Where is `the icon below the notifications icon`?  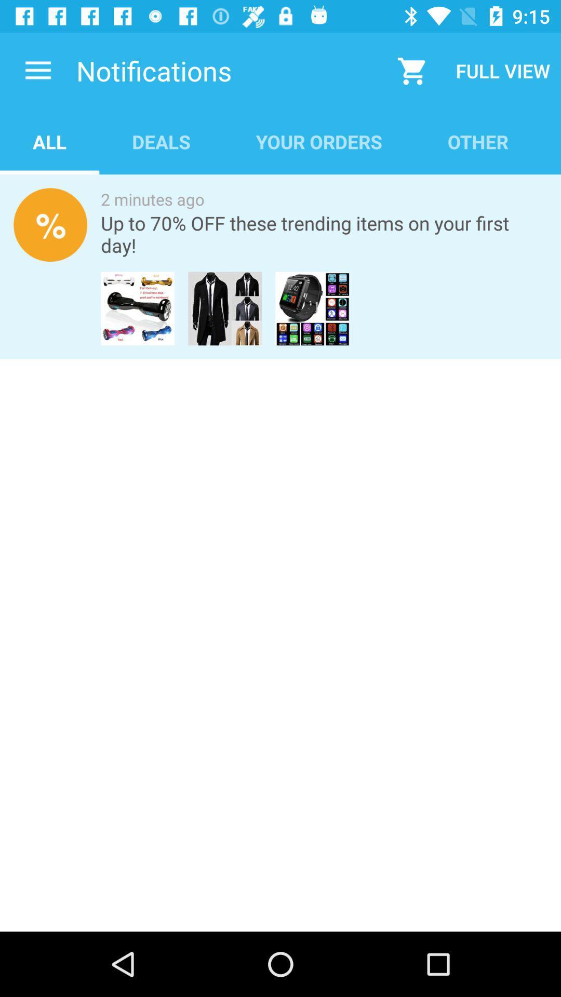
the icon below the notifications icon is located at coordinates (161, 141).